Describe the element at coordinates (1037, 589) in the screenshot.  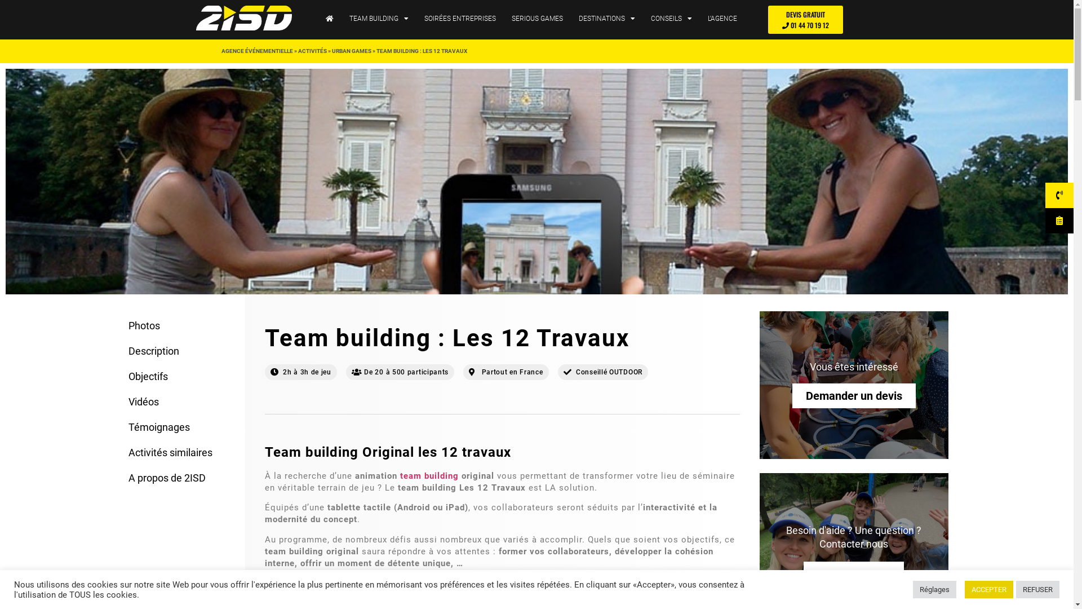
I see `'REFUSER'` at that location.